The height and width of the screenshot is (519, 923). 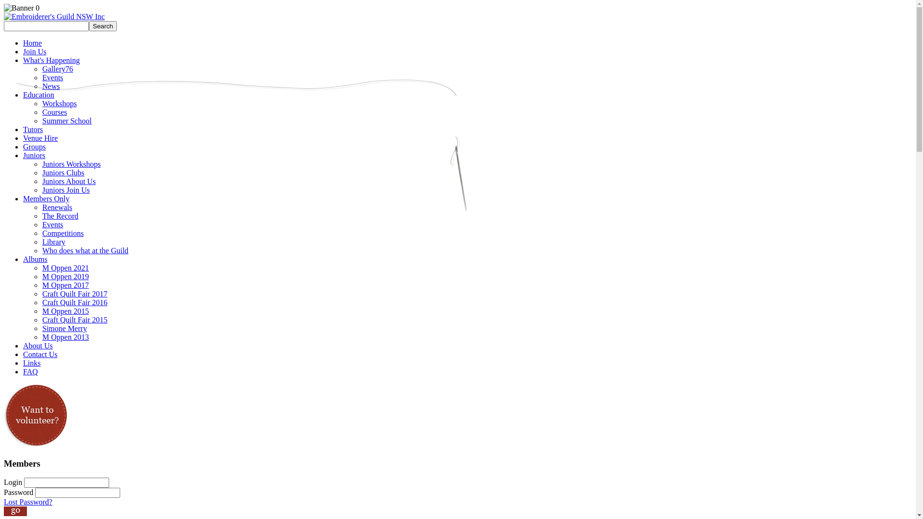 I want to click on 'M Oppen 2021', so click(x=41, y=268).